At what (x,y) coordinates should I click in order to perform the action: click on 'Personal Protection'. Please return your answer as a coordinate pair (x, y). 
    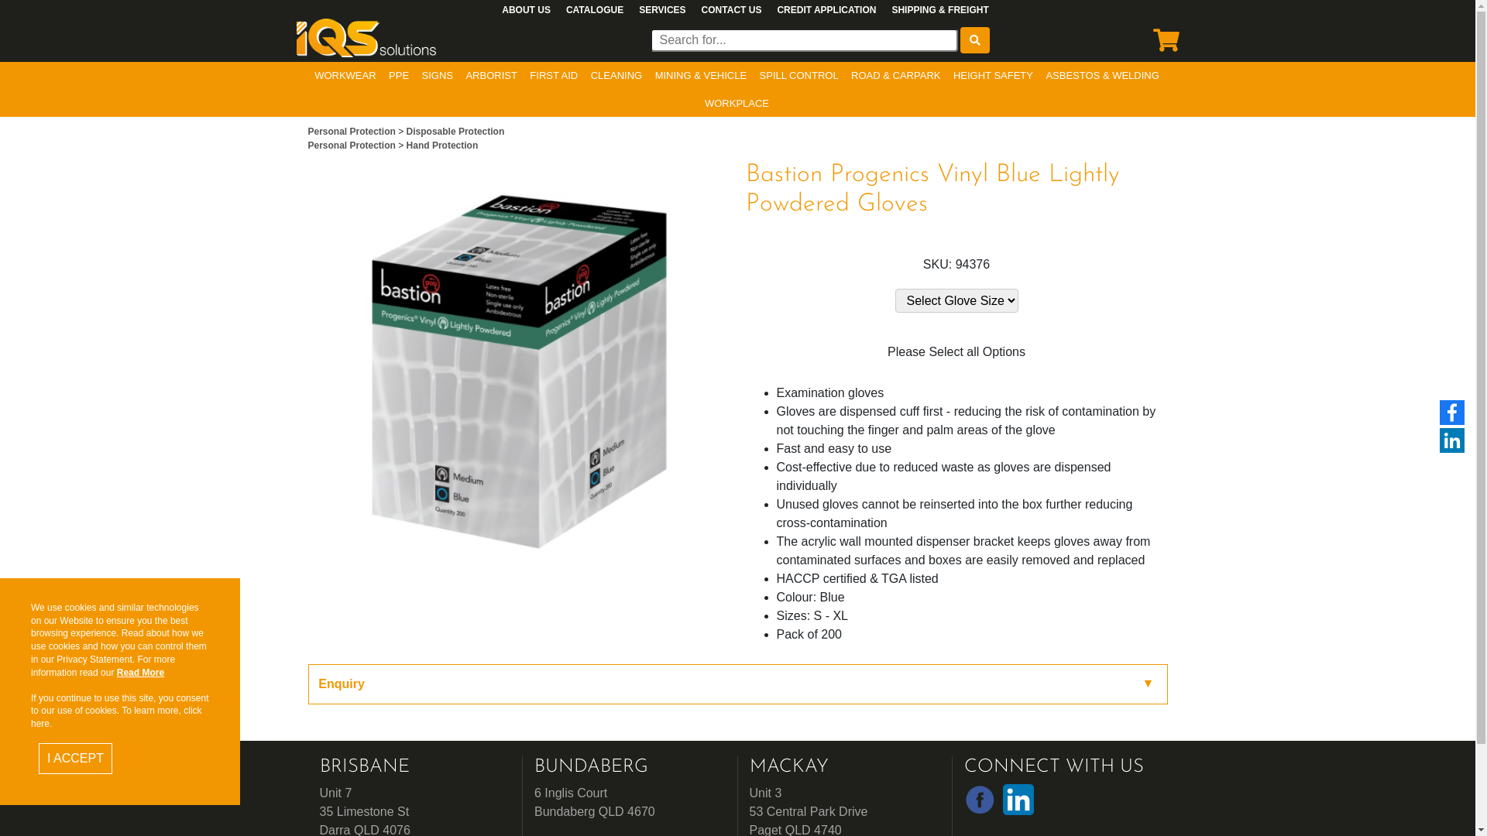
    Looking at the image, I should click on (308, 130).